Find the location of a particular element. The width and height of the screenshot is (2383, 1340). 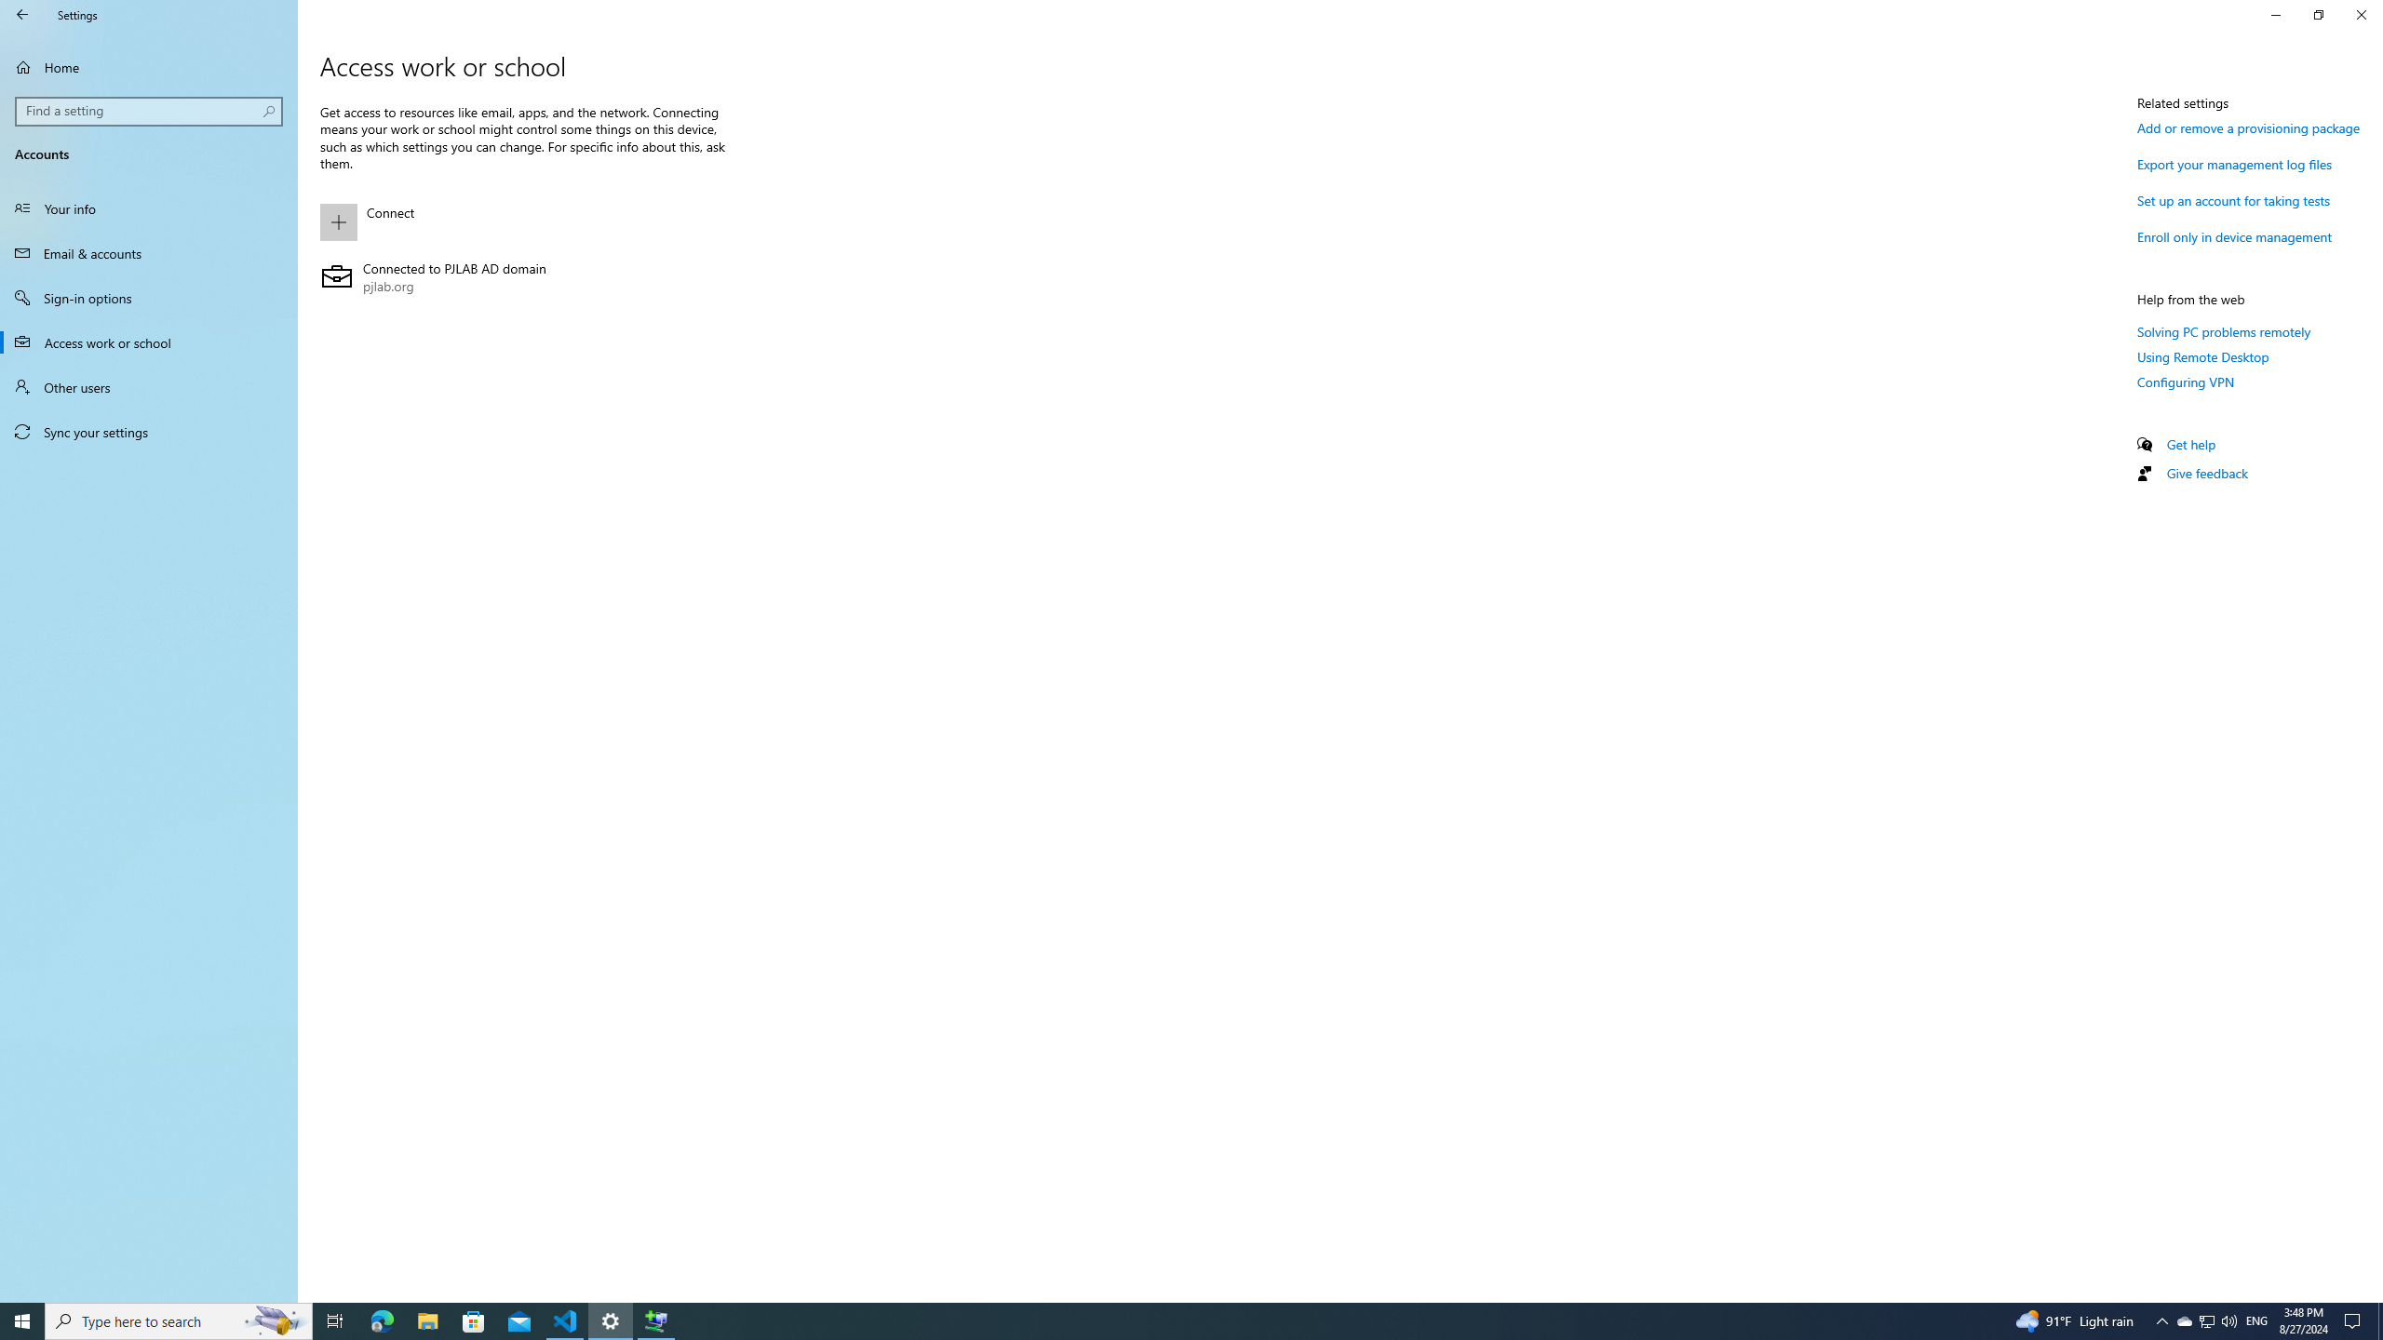

'Solving PC problems remotely' is located at coordinates (2223, 331).